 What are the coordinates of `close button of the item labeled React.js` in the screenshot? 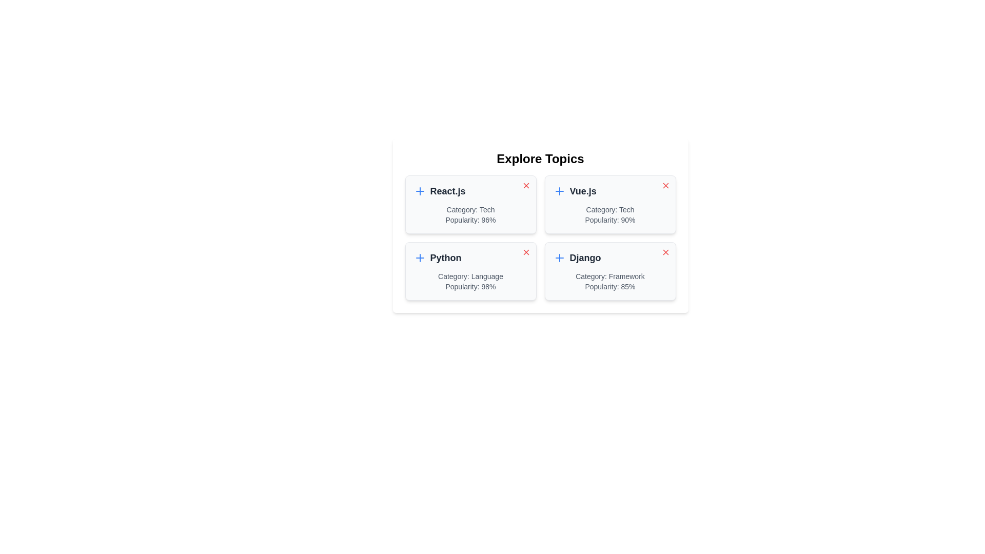 It's located at (526, 186).